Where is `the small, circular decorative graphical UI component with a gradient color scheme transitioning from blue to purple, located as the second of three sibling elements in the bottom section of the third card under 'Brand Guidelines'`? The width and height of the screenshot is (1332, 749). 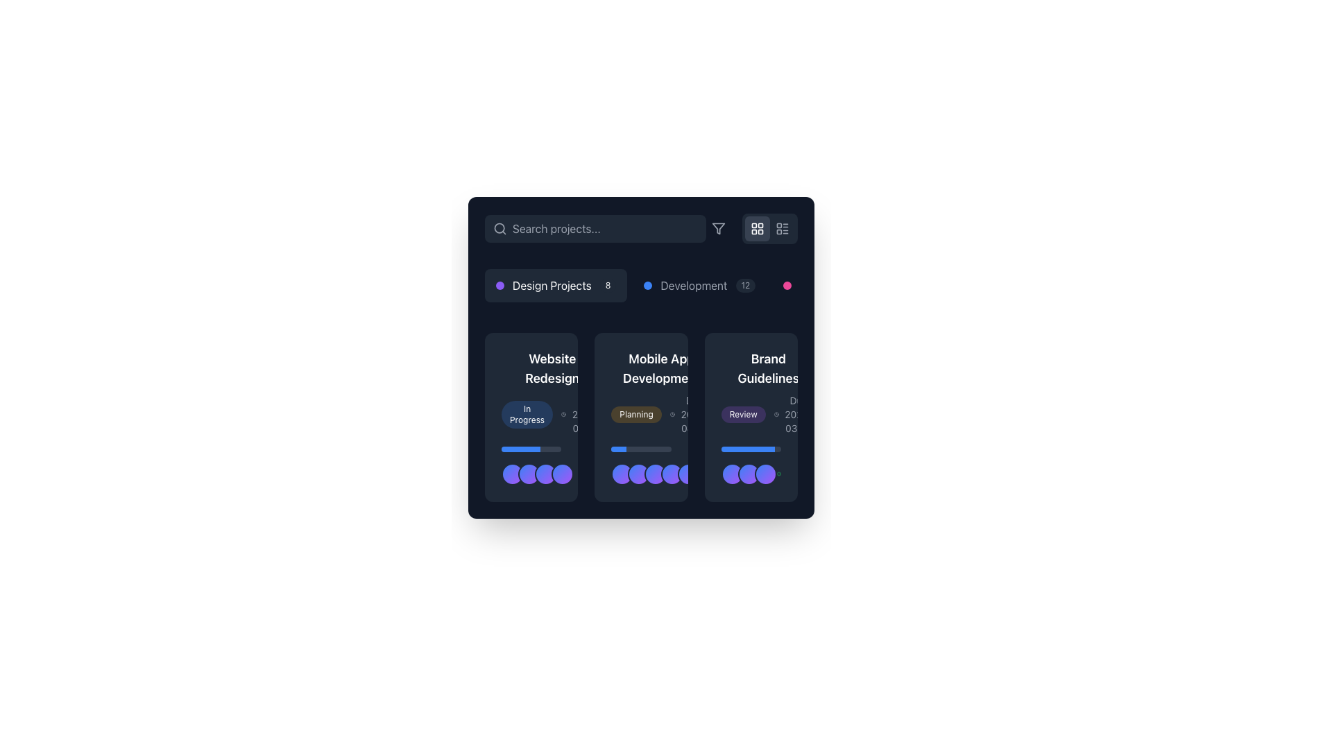
the small, circular decorative graphical UI component with a gradient color scheme transitioning from blue to purple, located as the second of three sibling elements in the bottom section of the third card under 'Brand Guidelines' is located at coordinates (748, 473).